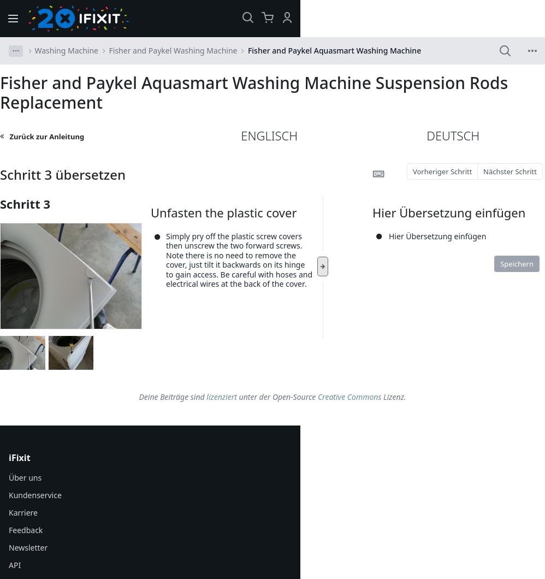 The height and width of the screenshot is (579, 545). Describe the element at coordinates (165, 259) in the screenshot. I see `'Simply pry off the plastic screw covers then unscrew the two forward screws. Note there is no need to remove the cover, just tilt it backwards on its hinge to gain access. Be careful with hoses and electrical wires at the back of the cover.'` at that location.